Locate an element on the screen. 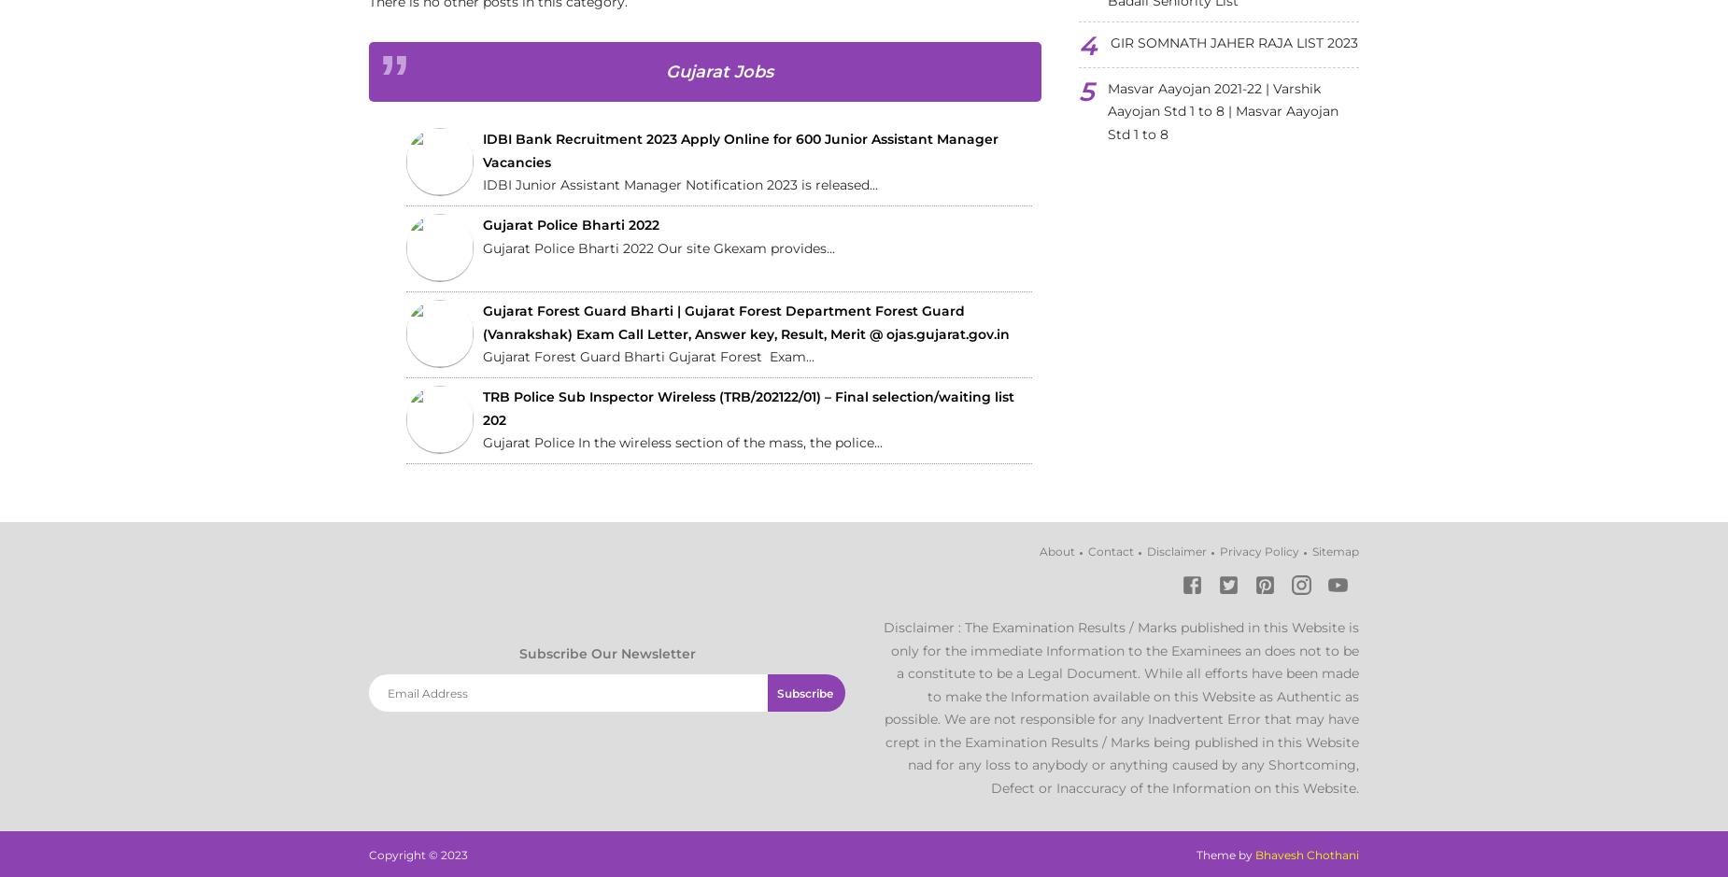  'TRB Police Sub Inspector Wireless (TRB/202122/01) – Final selection/waiting list 202' is located at coordinates (748, 408).